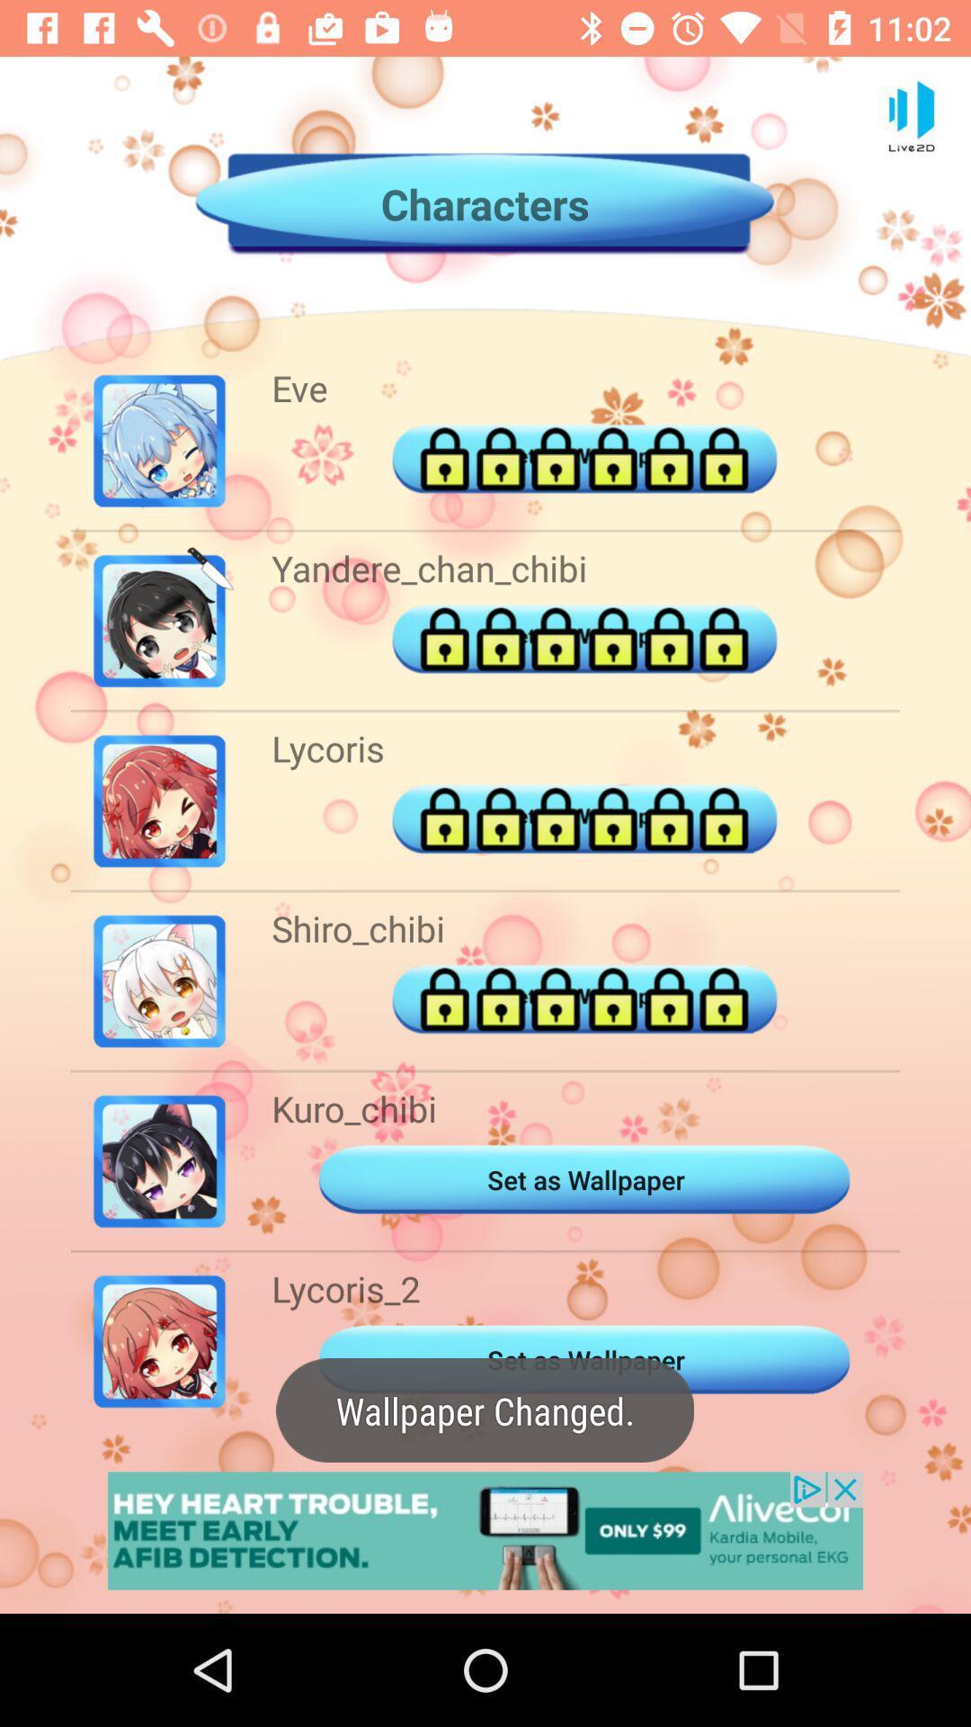 The width and height of the screenshot is (971, 1727). What do you see at coordinates (485, 1530) in the screenshot?
I see `advertisement` at bounding box center [485, 1530].